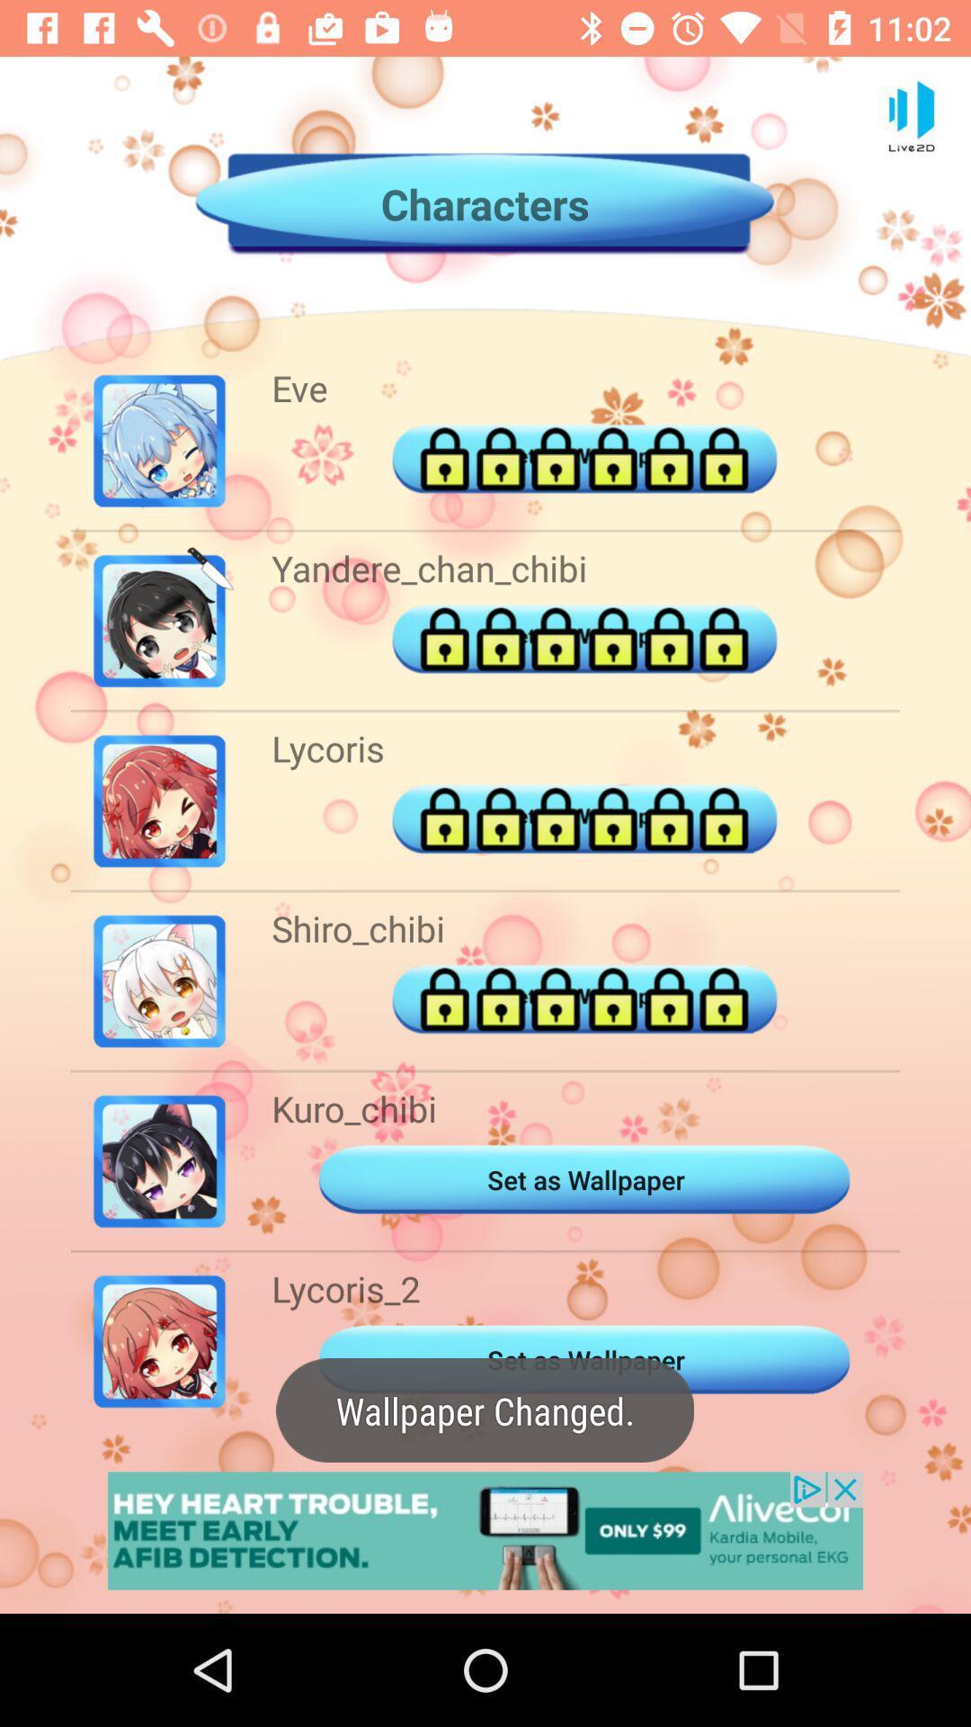 The width and height of the screenshot is (971, 1727). What do you see at coordinates (485, 1530) in the screenshot?
I see `advertisement` at bounding box center [485, 1530].